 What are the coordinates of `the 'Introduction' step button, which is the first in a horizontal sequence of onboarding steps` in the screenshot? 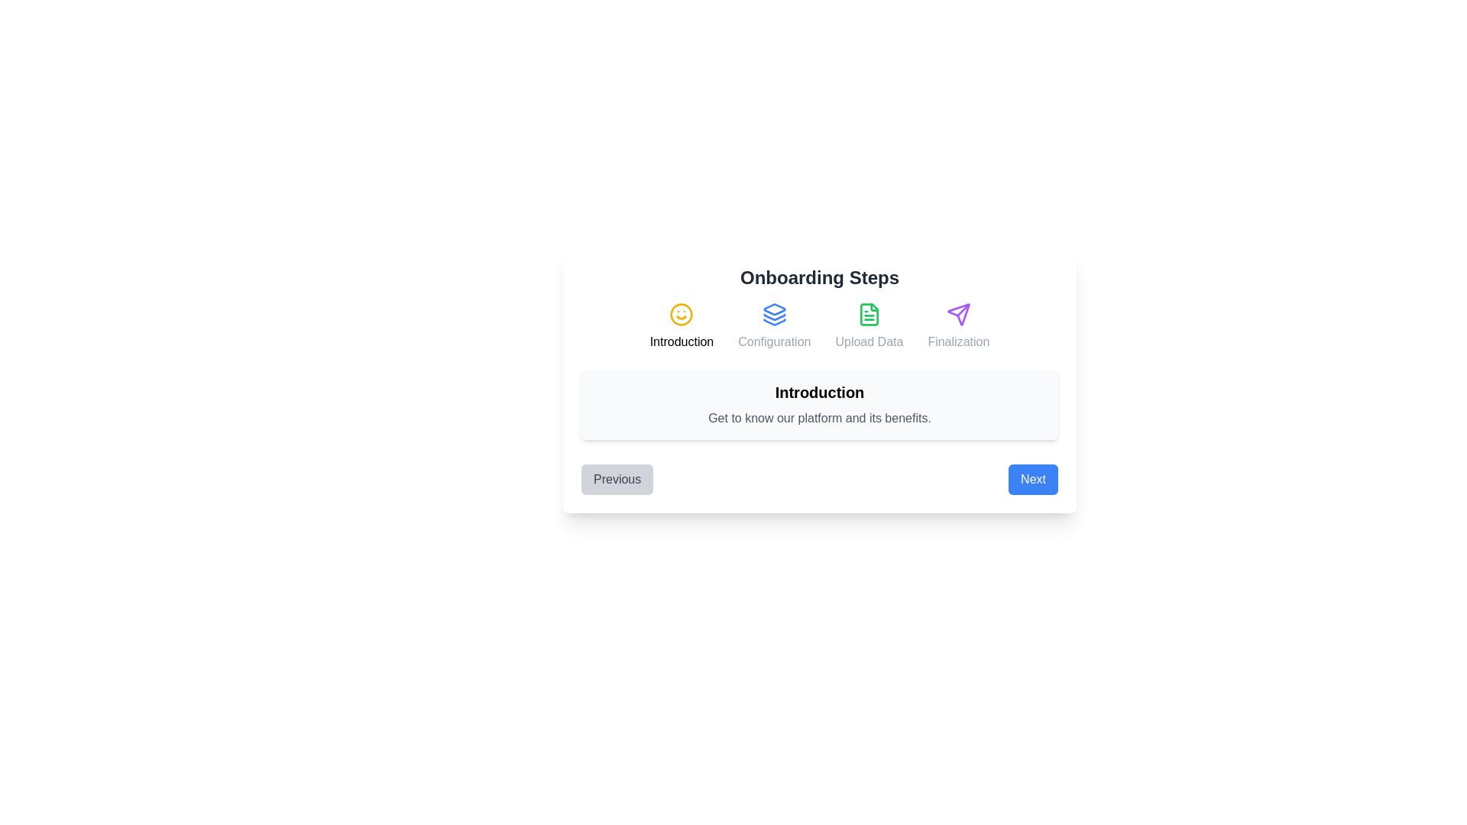 It's located at (681, 326).